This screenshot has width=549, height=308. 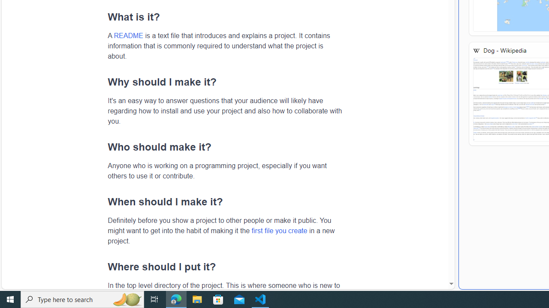 I want to click on 'README', so click(x=128, y=35).